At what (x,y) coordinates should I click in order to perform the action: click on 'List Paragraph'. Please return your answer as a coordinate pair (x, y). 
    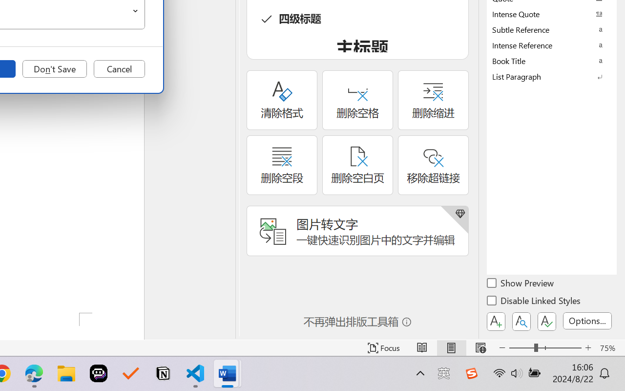
    Looking at the image, I should click on (552, 76).